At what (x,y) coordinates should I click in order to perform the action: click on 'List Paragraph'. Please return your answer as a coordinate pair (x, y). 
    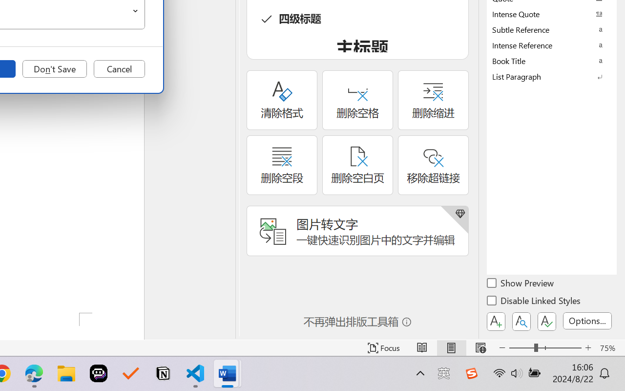
    Looking at the image, I should click on (552, 76).